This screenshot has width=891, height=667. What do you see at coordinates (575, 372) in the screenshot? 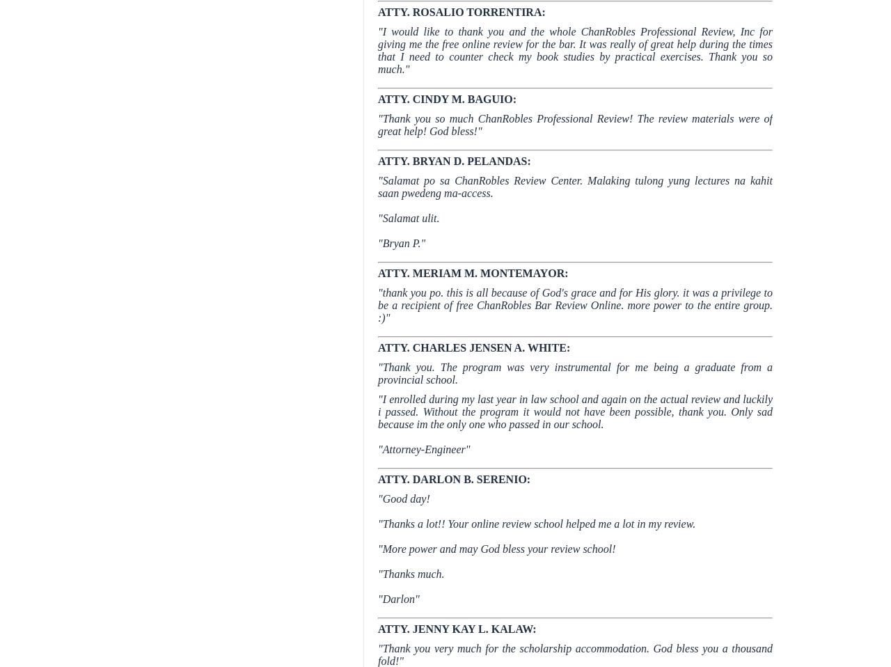
I see `'"Thank you. The program was very instrumental for me being a graduate from a provincial school.'` at bounding box center [575, 372].